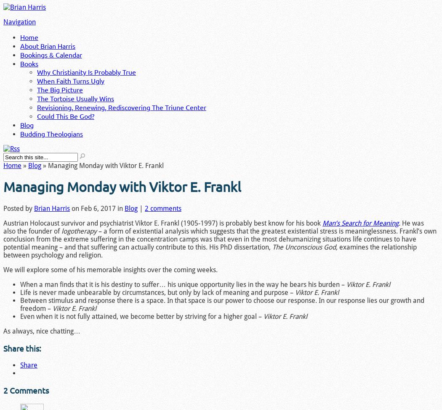 This screenshot has width=442, height=410. Describe the element at coordinates (121, 107) in the screenshot. I see `'Revisioning, Renewing, Rediscovering The Triune Center'` at that location.